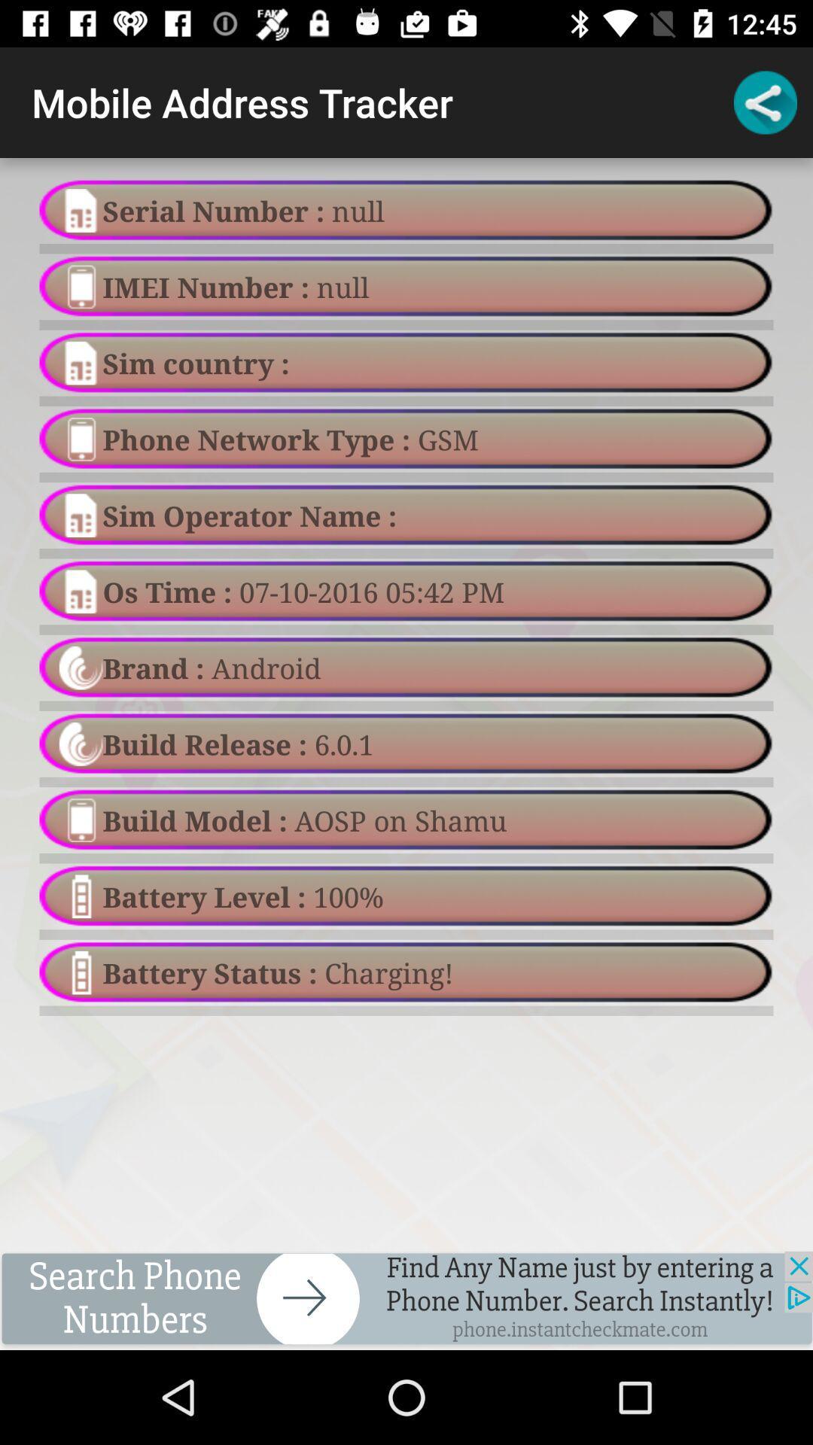  What do you see at coordinates (406, 1300) in the screenshot?
I see `turn on and off app` at bounding box center [406, 1300].